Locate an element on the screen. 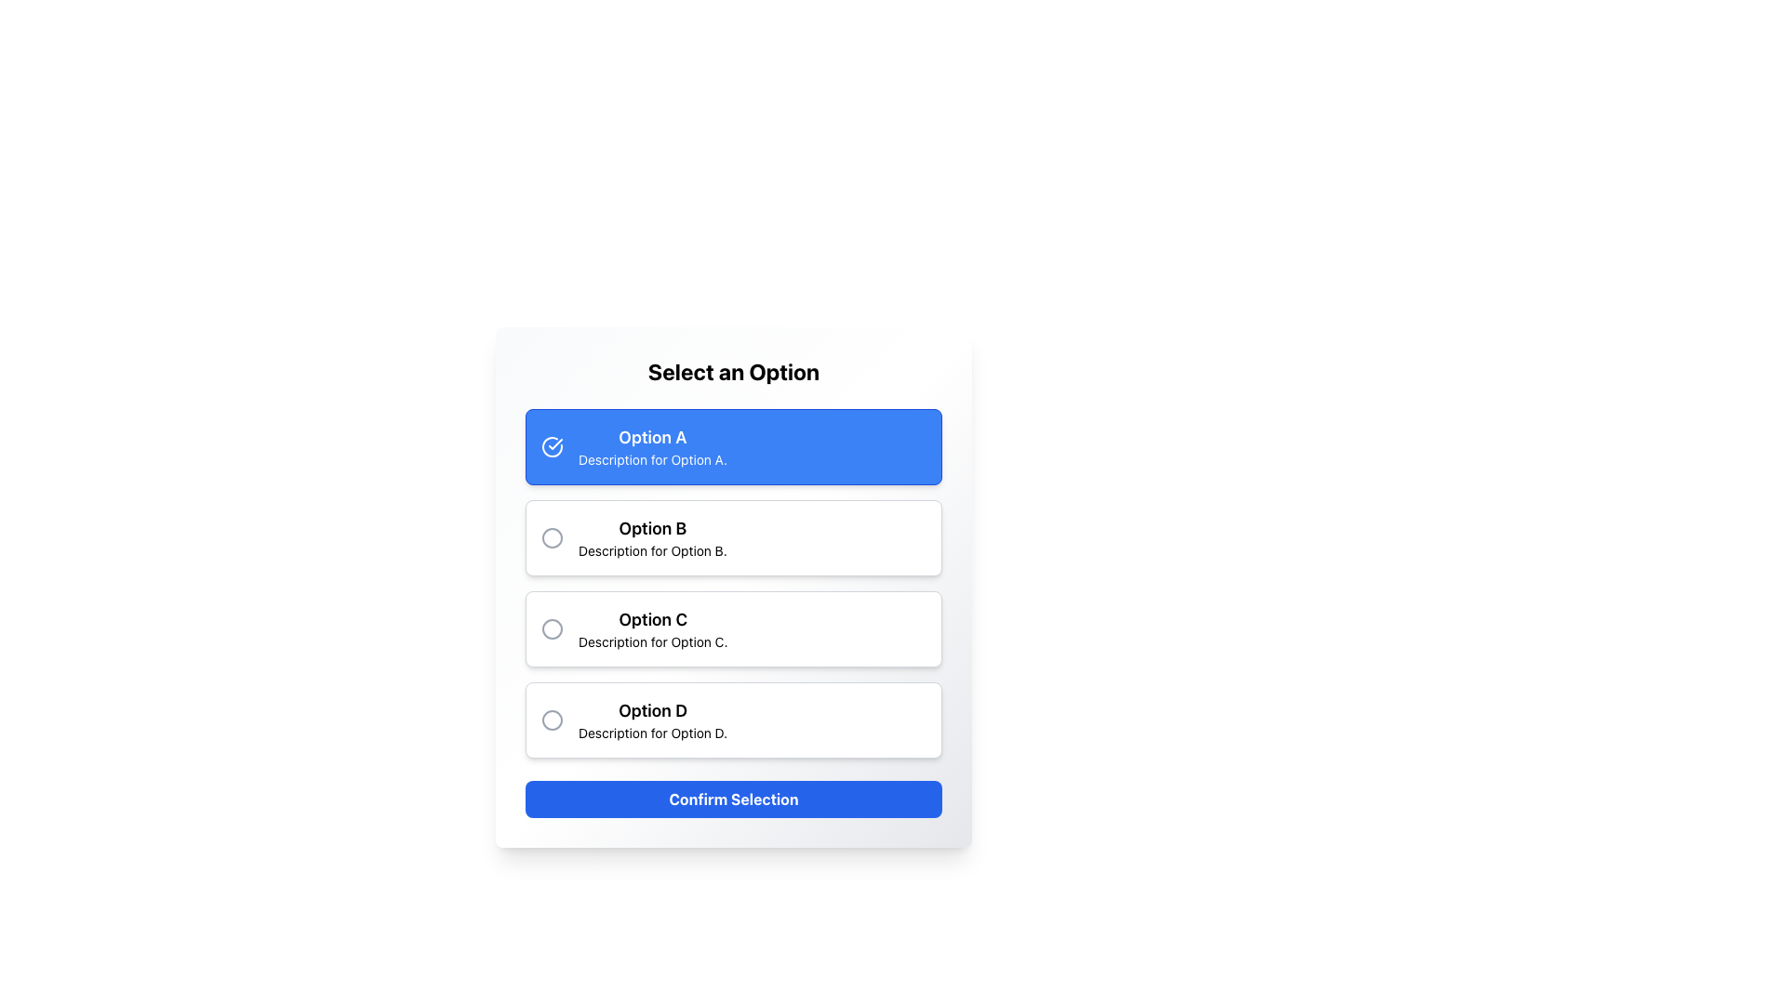  the descriptive text block that reads 'Description for Option C.' located beneath the label 'Option C' is located at coordinates (653, 641).